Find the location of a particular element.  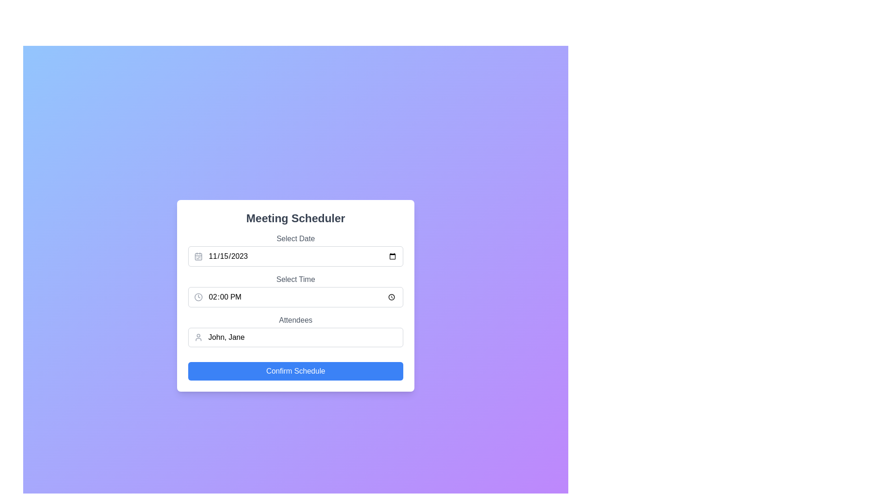

the date input field labeled 'Select Date' in the Meeting Scheduler dialog to type a date is located at coordinates (295, 250).